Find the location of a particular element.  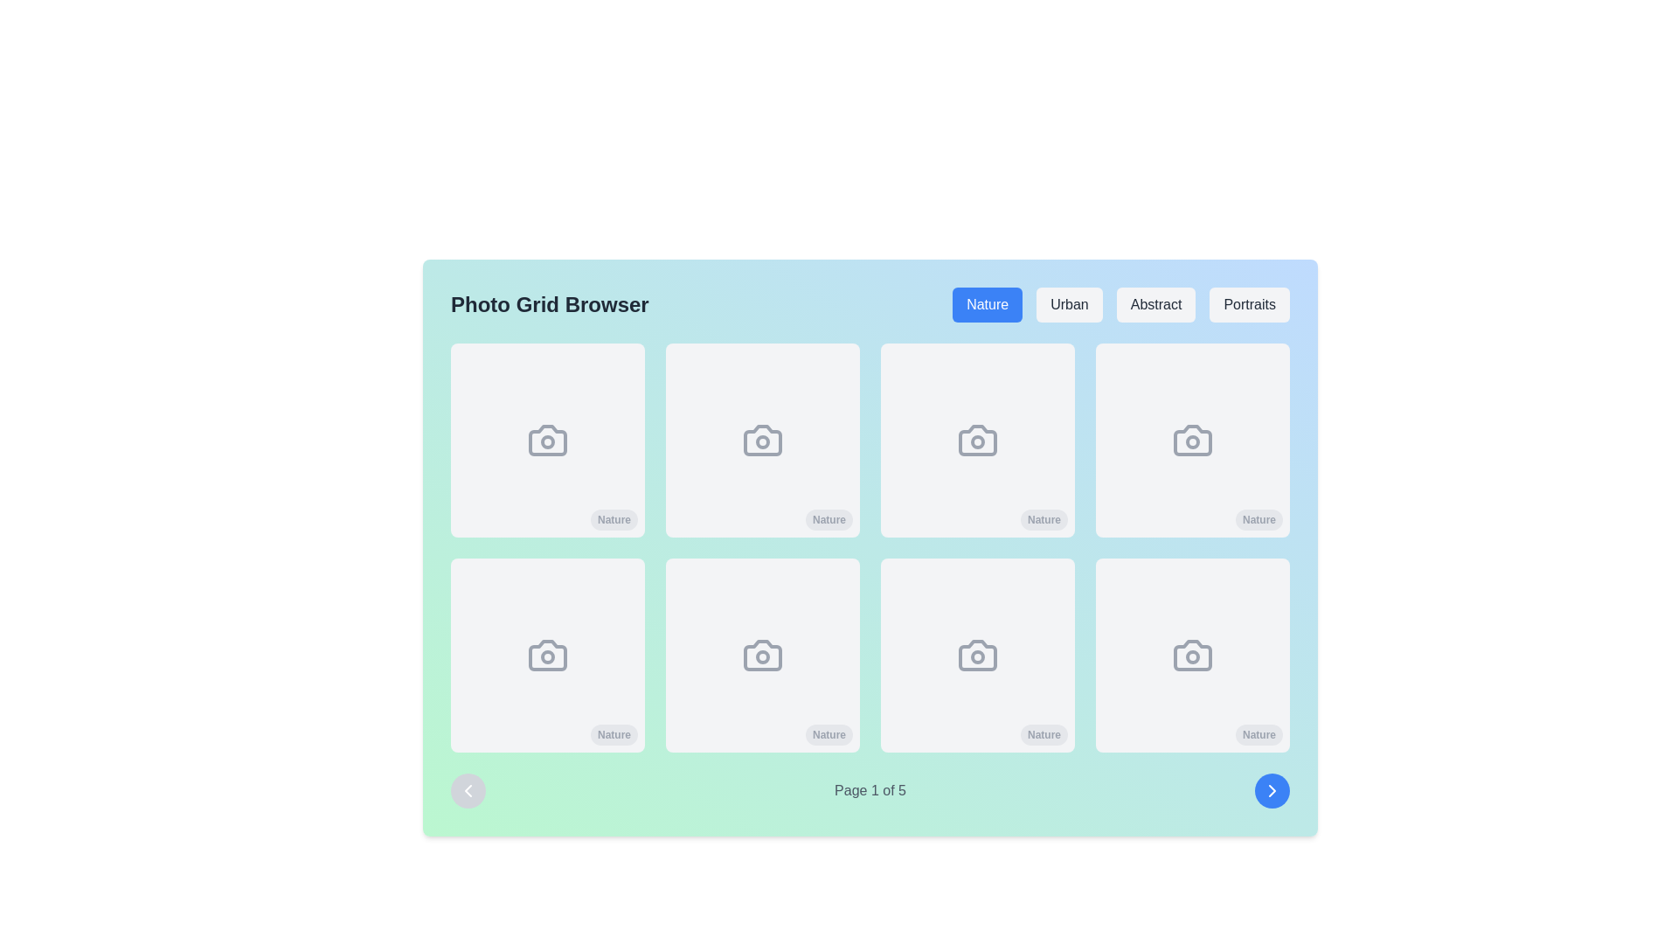

the icon that signifies a placeholder for photo-related actions located in the second row, first column of the image grid is located at coordinates (547, 655).